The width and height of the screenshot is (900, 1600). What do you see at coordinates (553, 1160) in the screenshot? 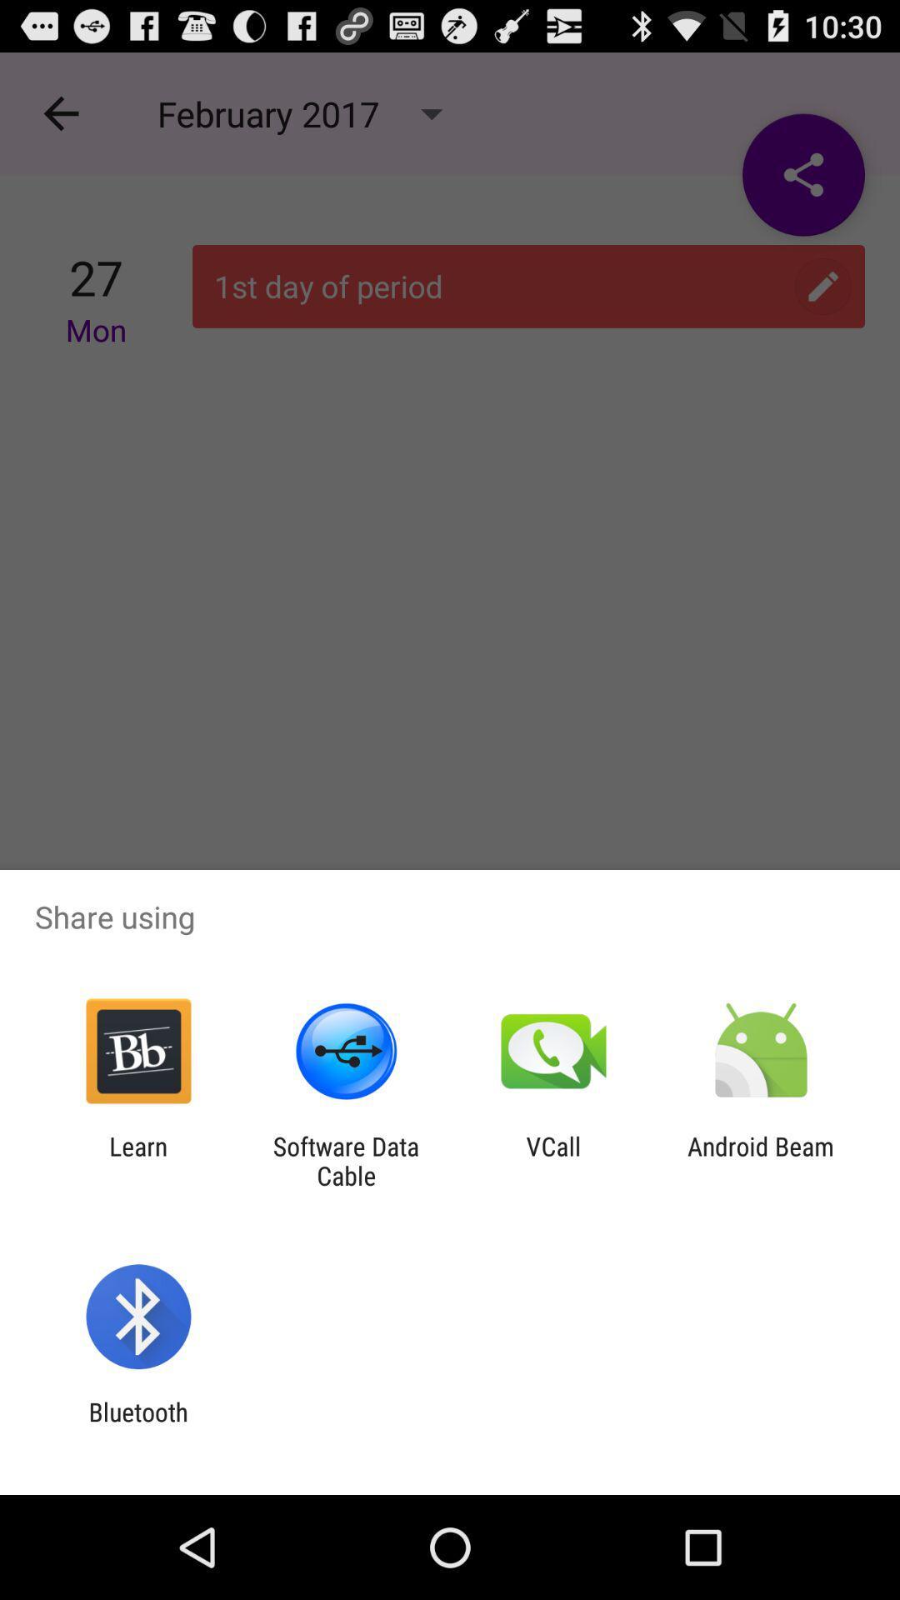
I see `the icon next to the software data cable icon` at bounding box center [553, 1160].